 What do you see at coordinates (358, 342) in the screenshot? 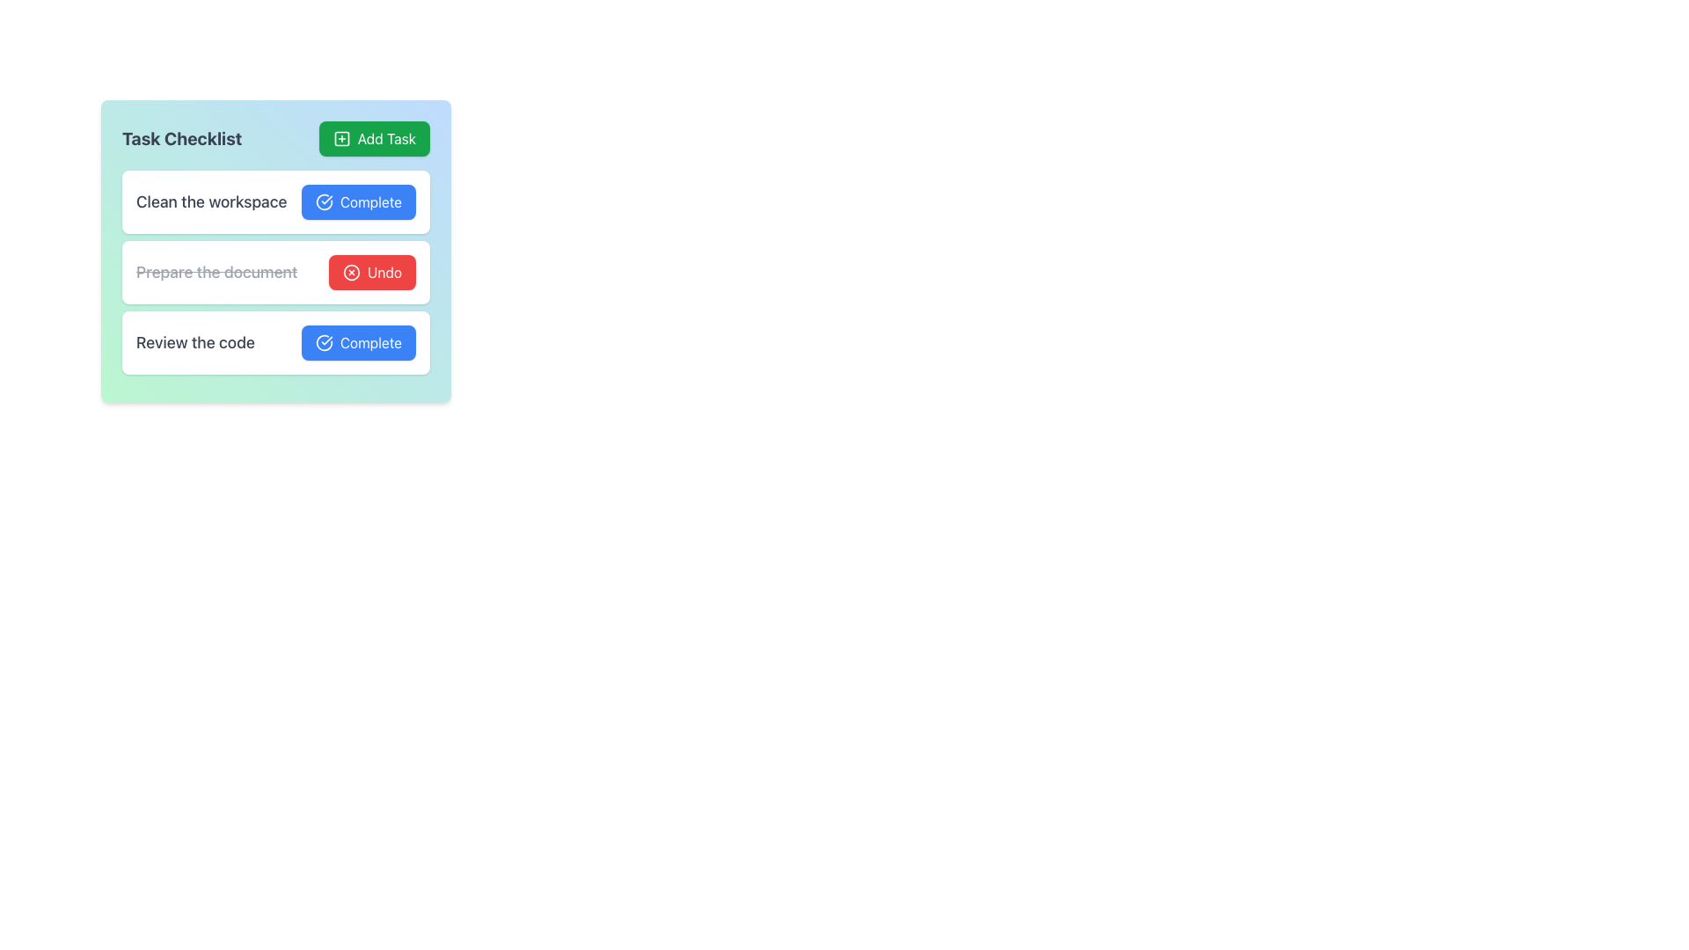
I see `the blue rectangular 'Complete' button with a checkmark icon located on the right side of the third task item under the 'Task Checklist' heading` at bounding box center [358, 342].